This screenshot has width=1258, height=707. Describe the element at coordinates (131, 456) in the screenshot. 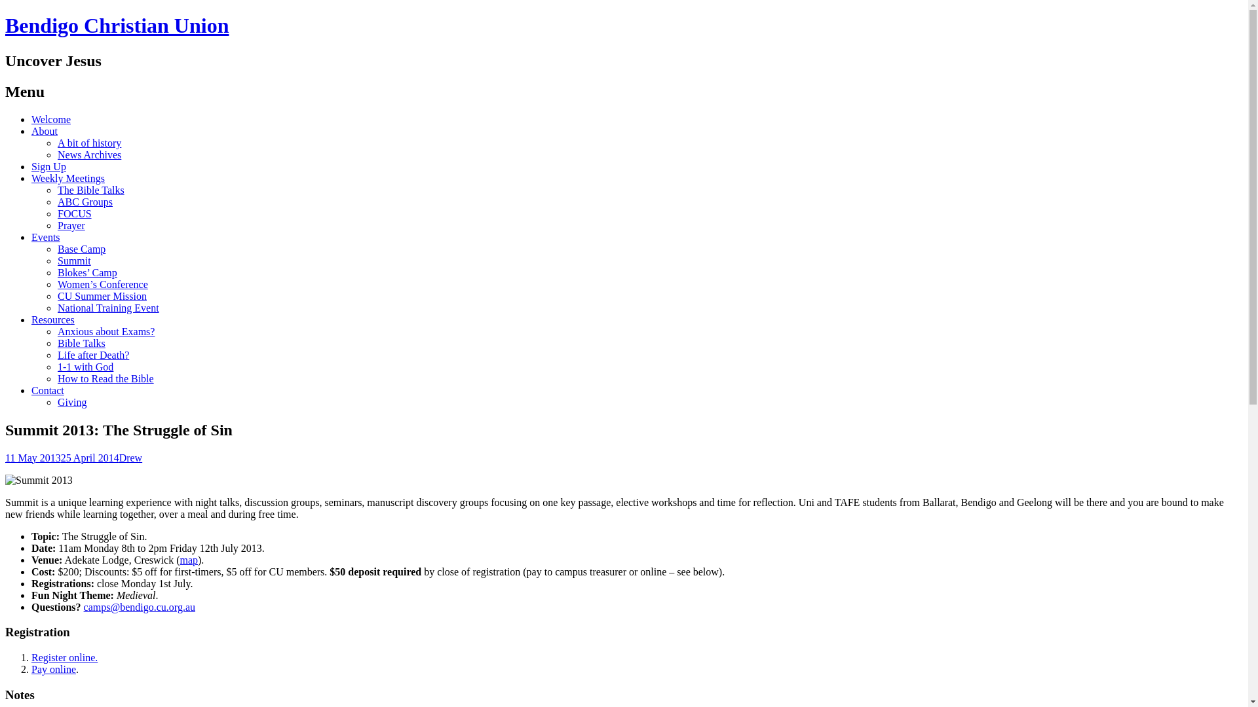

I see `'Drew'` at that location.